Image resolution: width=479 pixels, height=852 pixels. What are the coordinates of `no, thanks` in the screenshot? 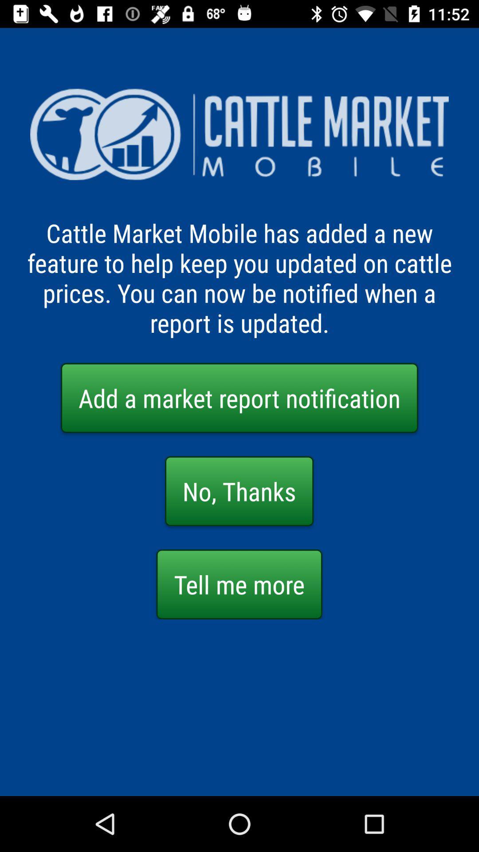 It's located at (239, 491).